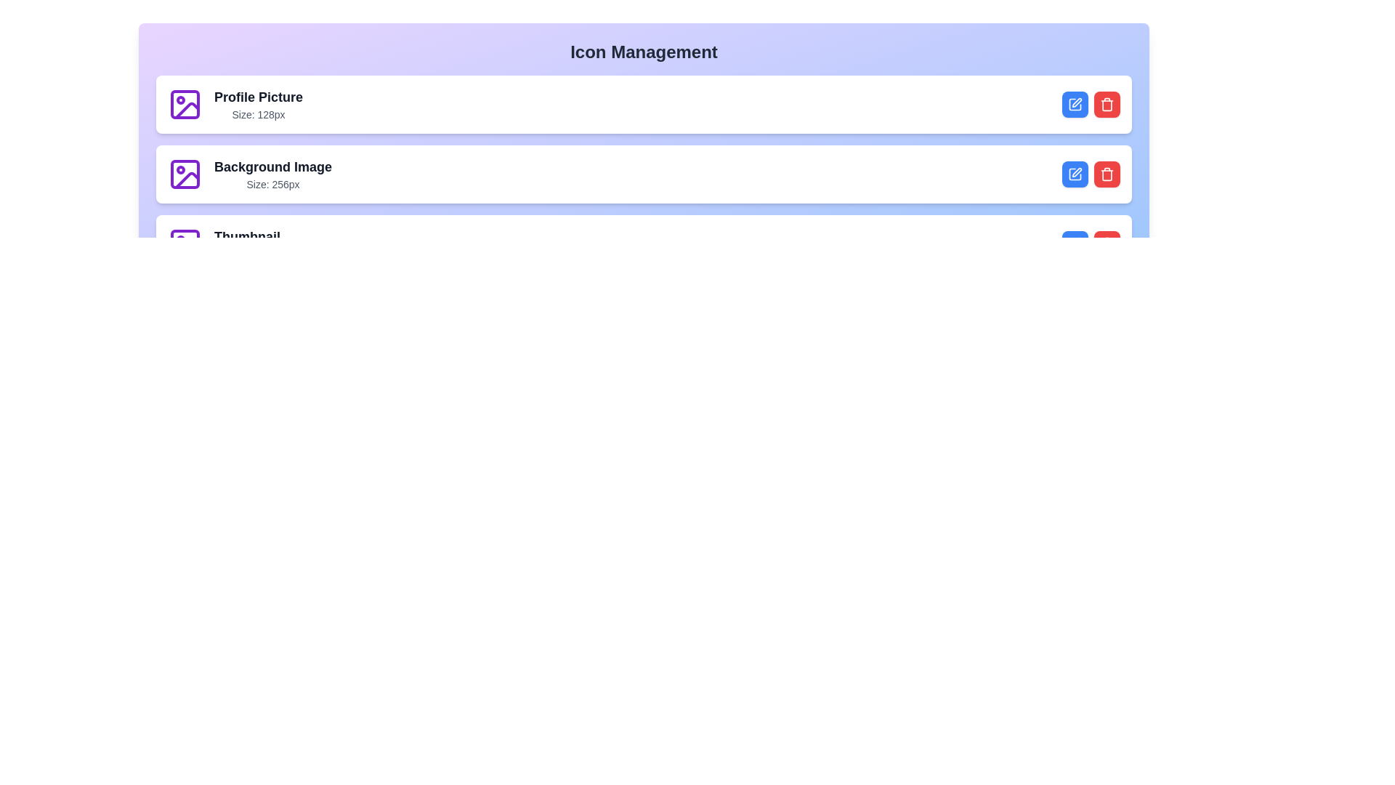  Describe the element at coordinates (272, 173) in the screenshot. I see `the informational block displaying description and size information related` at that location.